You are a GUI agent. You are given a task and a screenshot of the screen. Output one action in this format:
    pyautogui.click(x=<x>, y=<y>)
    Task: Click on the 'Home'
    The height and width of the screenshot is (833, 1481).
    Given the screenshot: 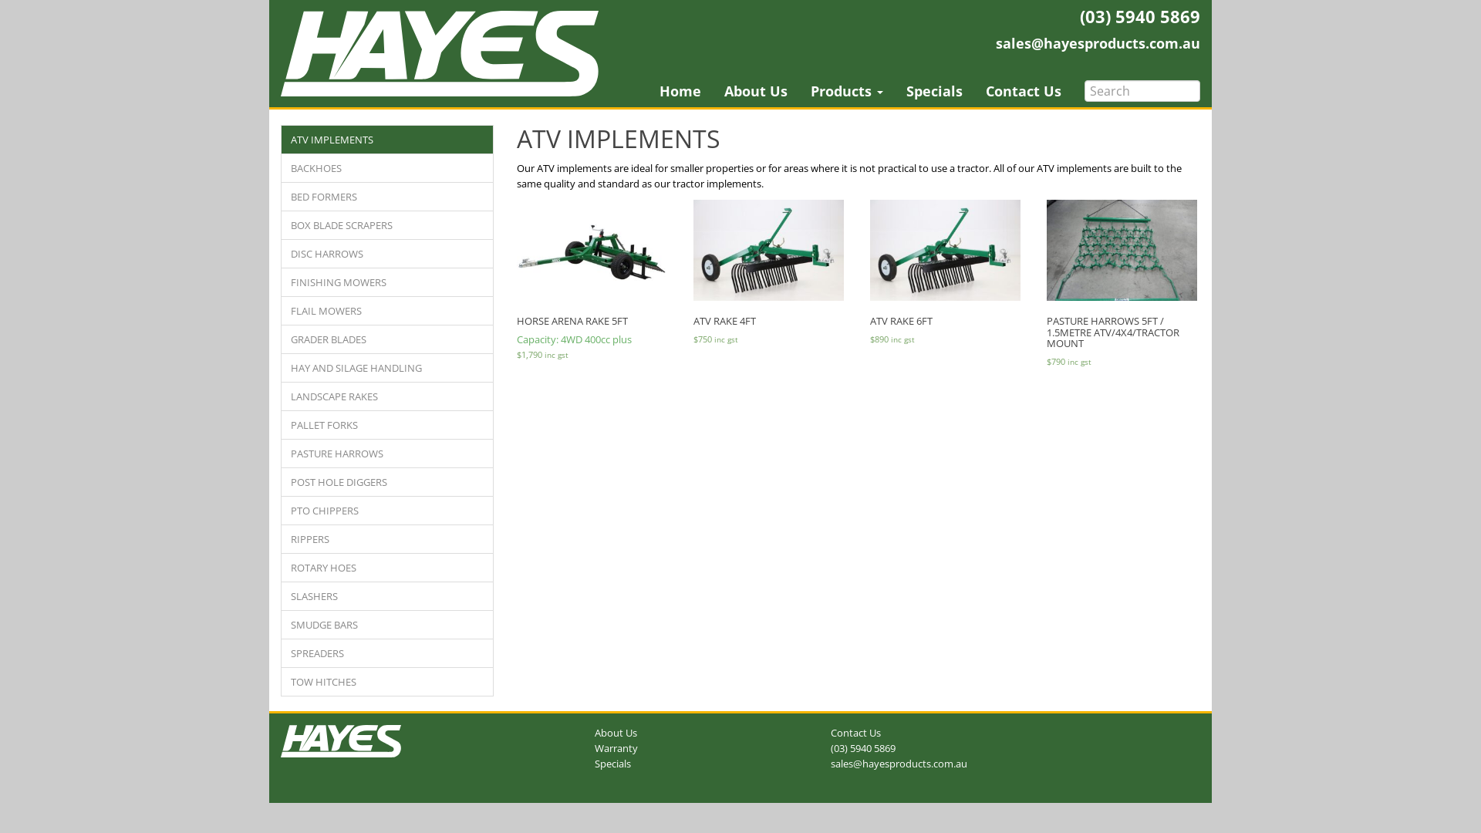 What is the action you would take?
    pyautogui.click(x=680, y=91)
    